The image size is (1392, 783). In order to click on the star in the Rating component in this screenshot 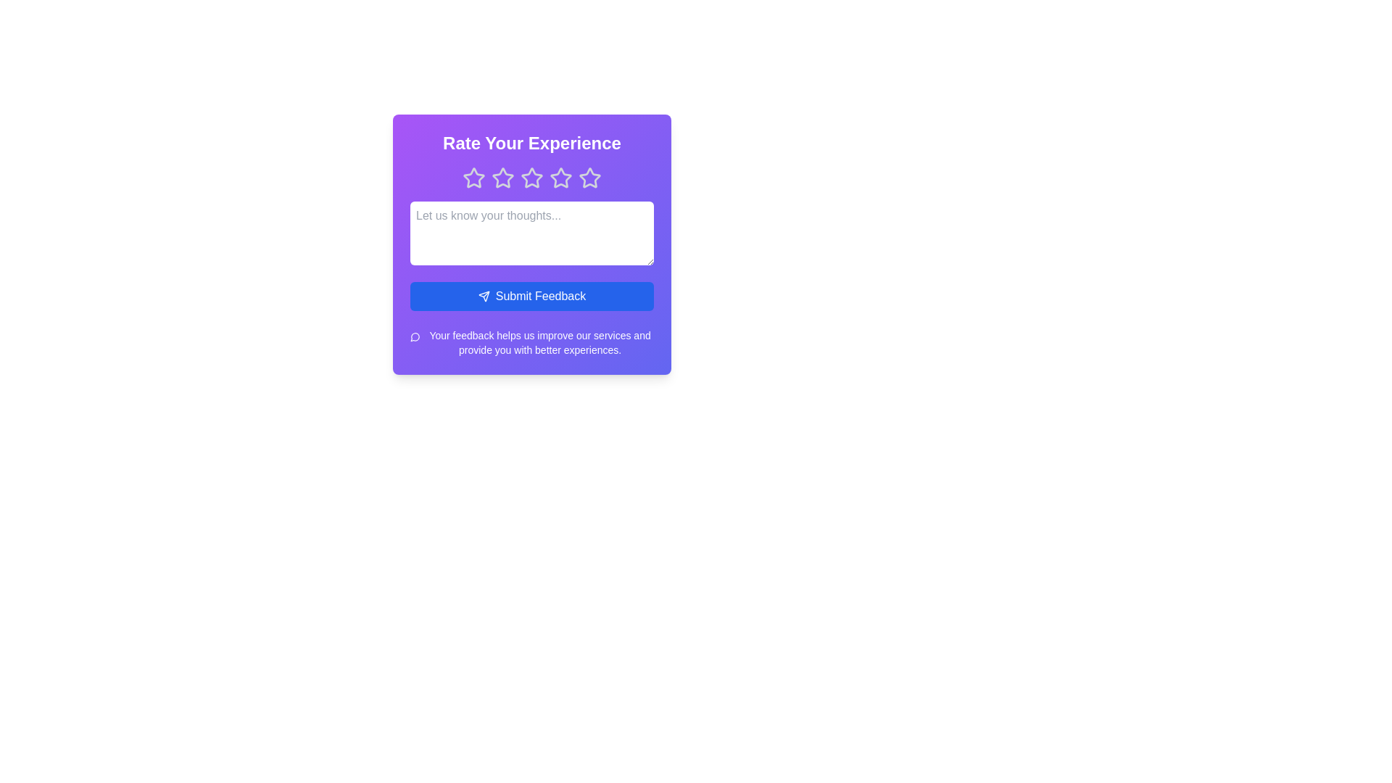, I will do `click(531, 178)`.